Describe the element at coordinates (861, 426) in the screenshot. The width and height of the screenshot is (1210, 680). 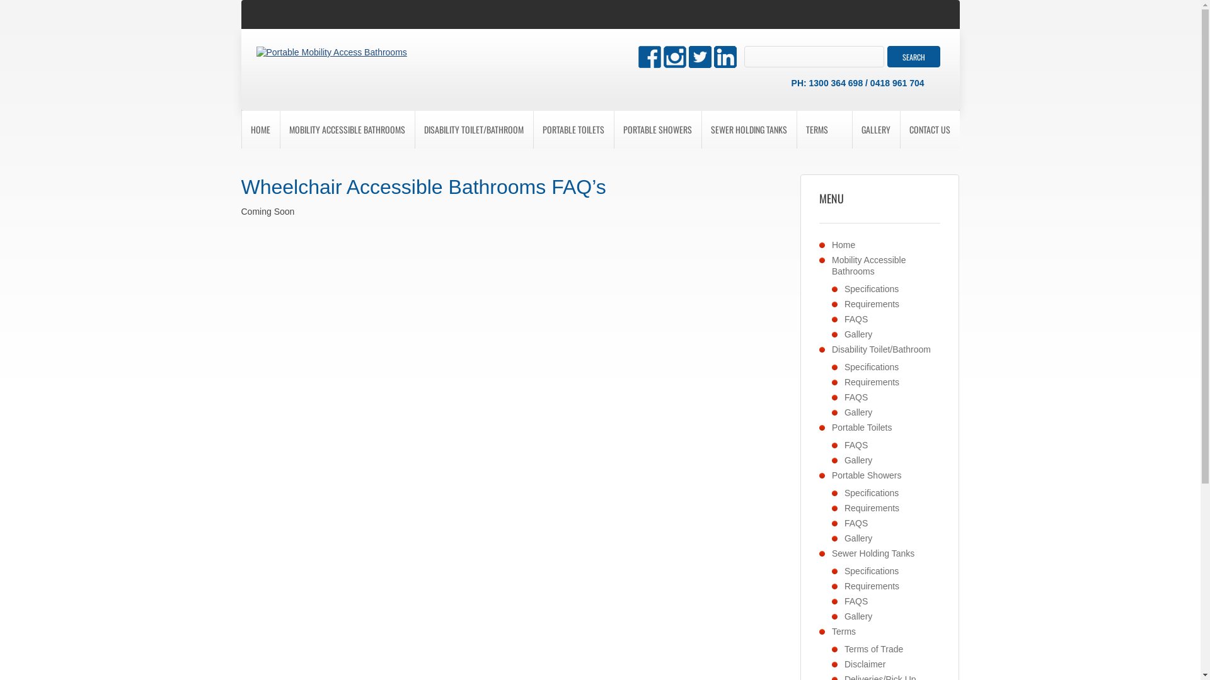
I see `'Portable Toilets'` at that location.